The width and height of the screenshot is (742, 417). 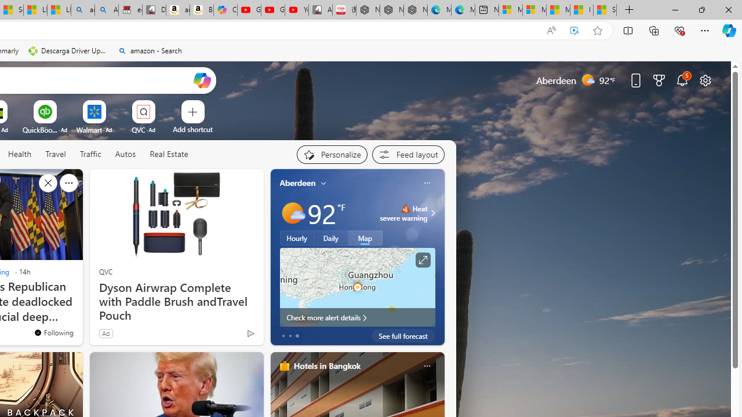 I want to click on 'More options', so click(x=426, y=365).